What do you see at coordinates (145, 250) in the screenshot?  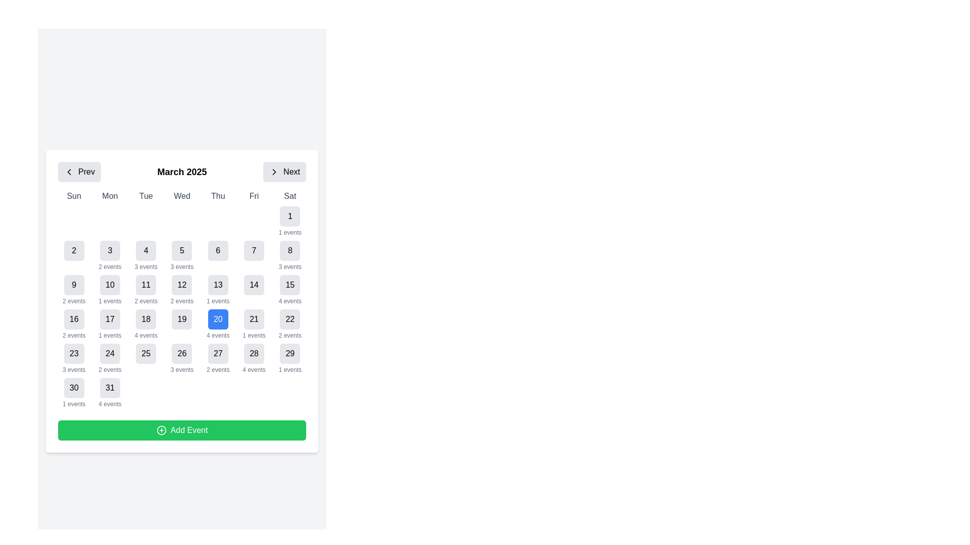 I see `the circular button displaying the number '4' in bold black font, located in the March 2025 calendar on Wednesday of the first week` at bounding box center [145, 250].